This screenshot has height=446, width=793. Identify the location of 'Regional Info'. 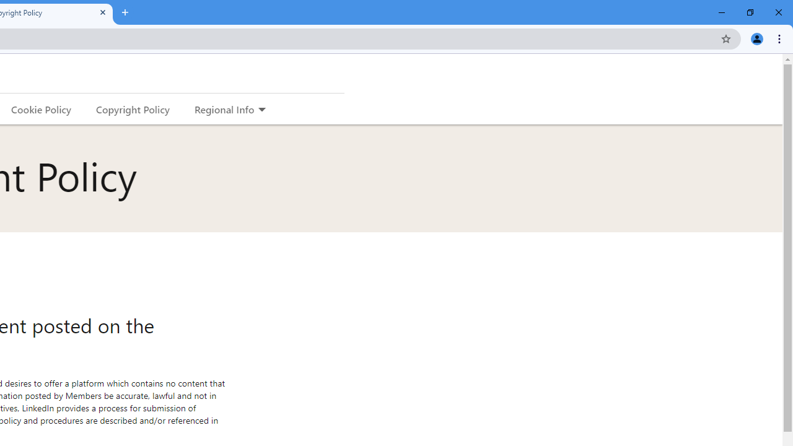
(224, 108).